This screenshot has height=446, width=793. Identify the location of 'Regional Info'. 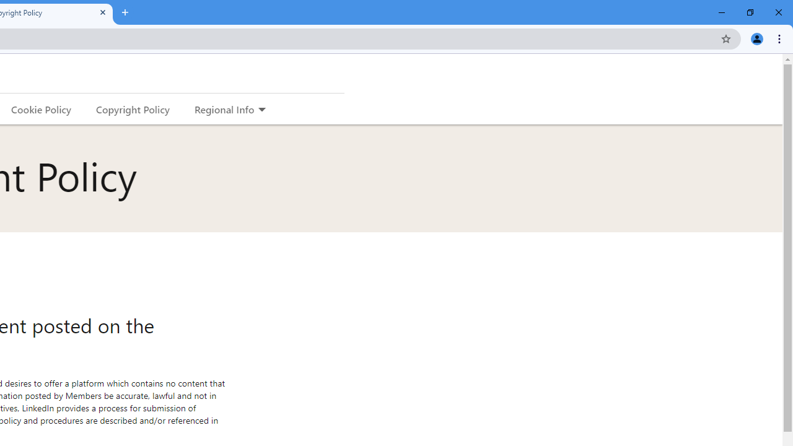
(224, 108).